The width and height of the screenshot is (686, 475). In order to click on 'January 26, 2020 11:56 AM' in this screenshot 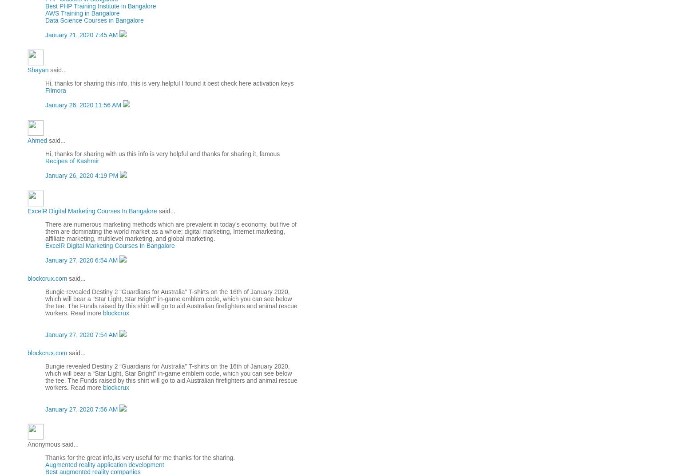, I will do `click(84, 105)`.